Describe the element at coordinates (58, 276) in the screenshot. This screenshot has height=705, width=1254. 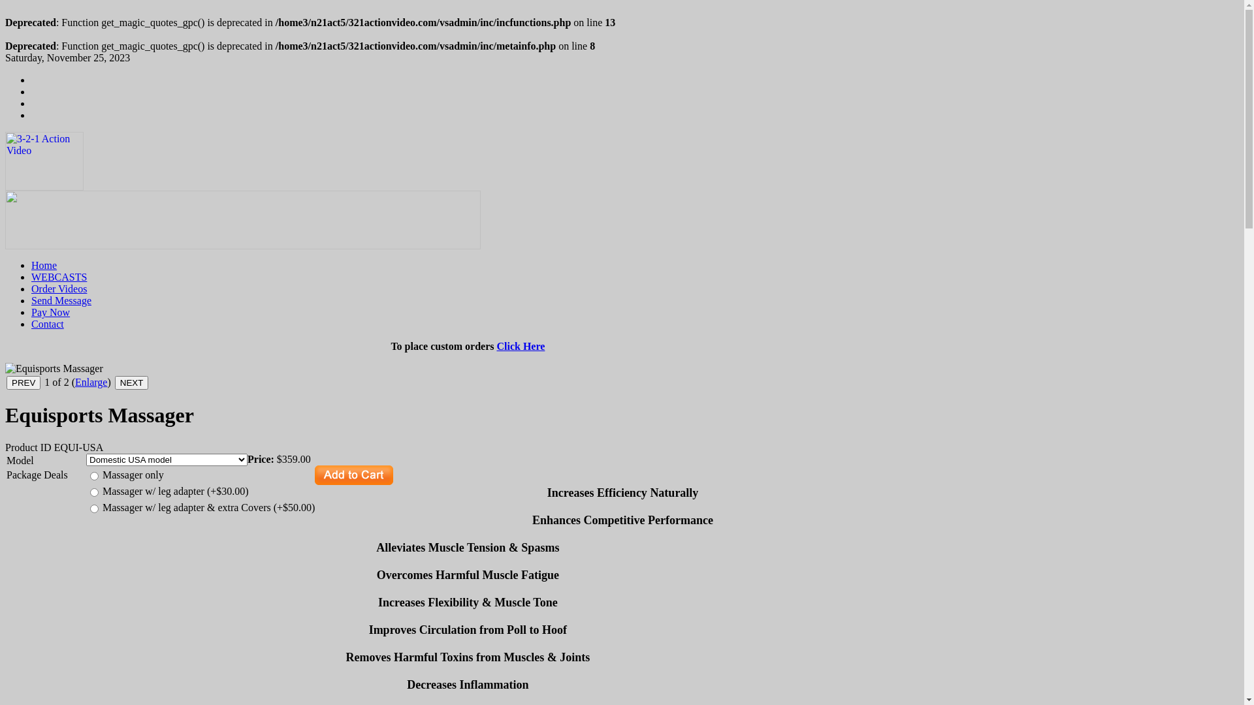
I see `'WEBCASTS'` at that location.